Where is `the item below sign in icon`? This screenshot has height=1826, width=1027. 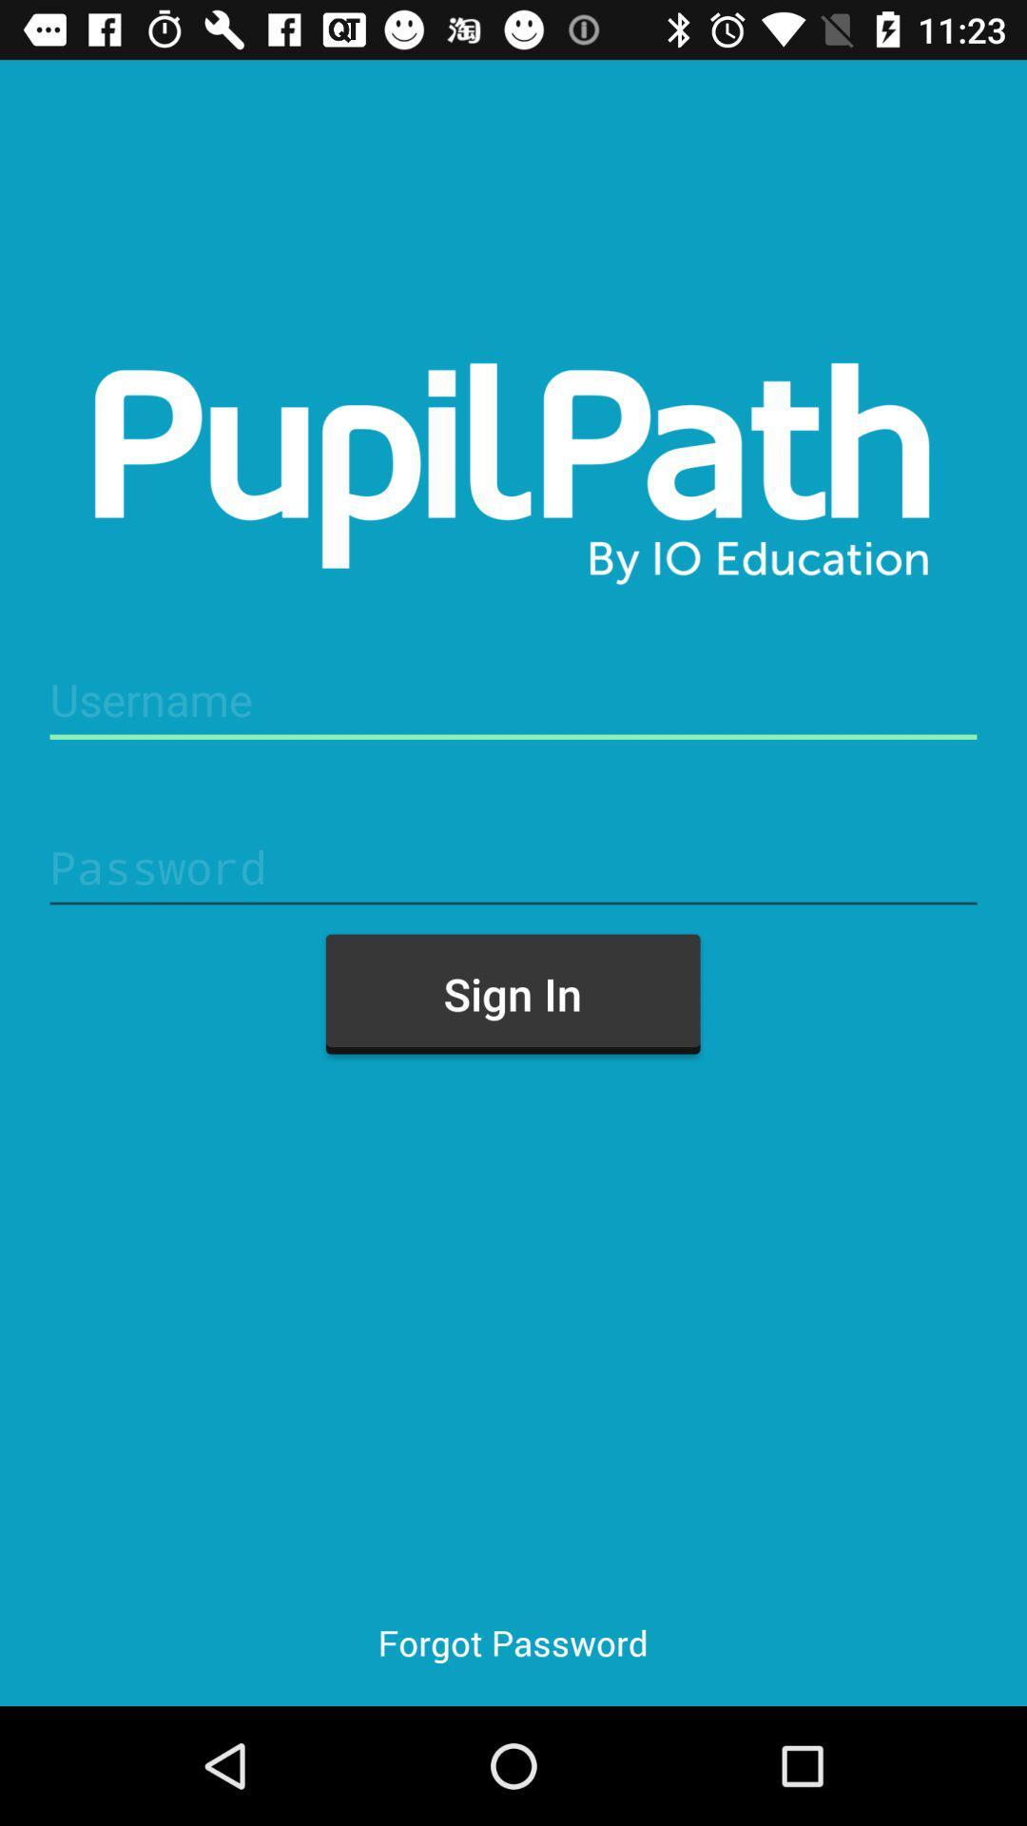 the item below sign in icon is located at coordinates (512, 1641).